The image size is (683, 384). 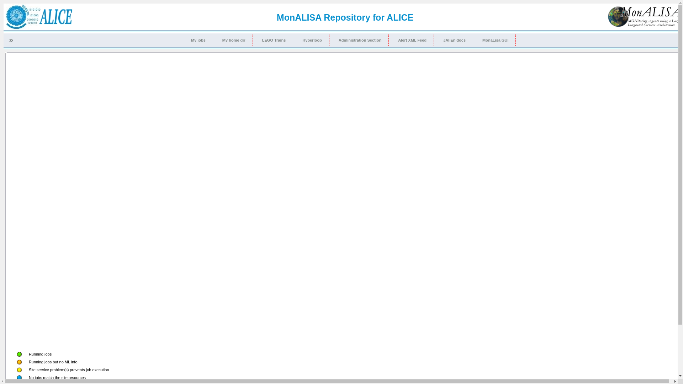 What do you see at coordinates (198, 40) in the screenshot?
I see `'My jobs'` at bounding box center [198, 40].